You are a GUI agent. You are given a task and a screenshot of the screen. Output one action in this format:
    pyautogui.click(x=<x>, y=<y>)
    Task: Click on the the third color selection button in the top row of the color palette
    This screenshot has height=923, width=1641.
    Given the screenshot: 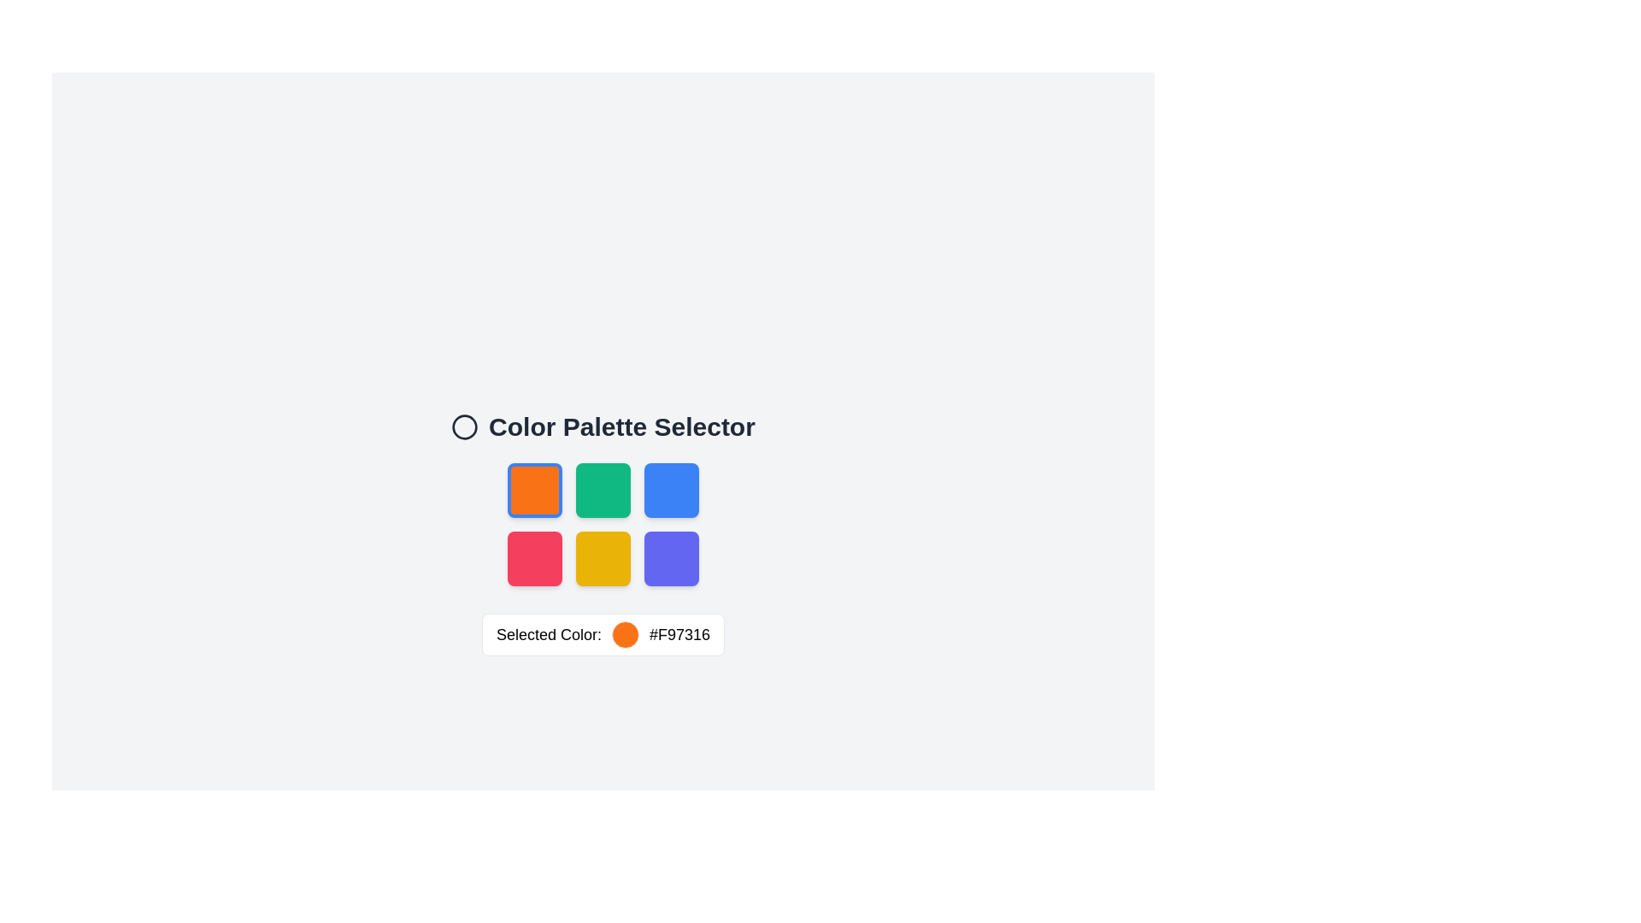 What is the action you would take?
    pyautogui.click(x=671, y=491)
    